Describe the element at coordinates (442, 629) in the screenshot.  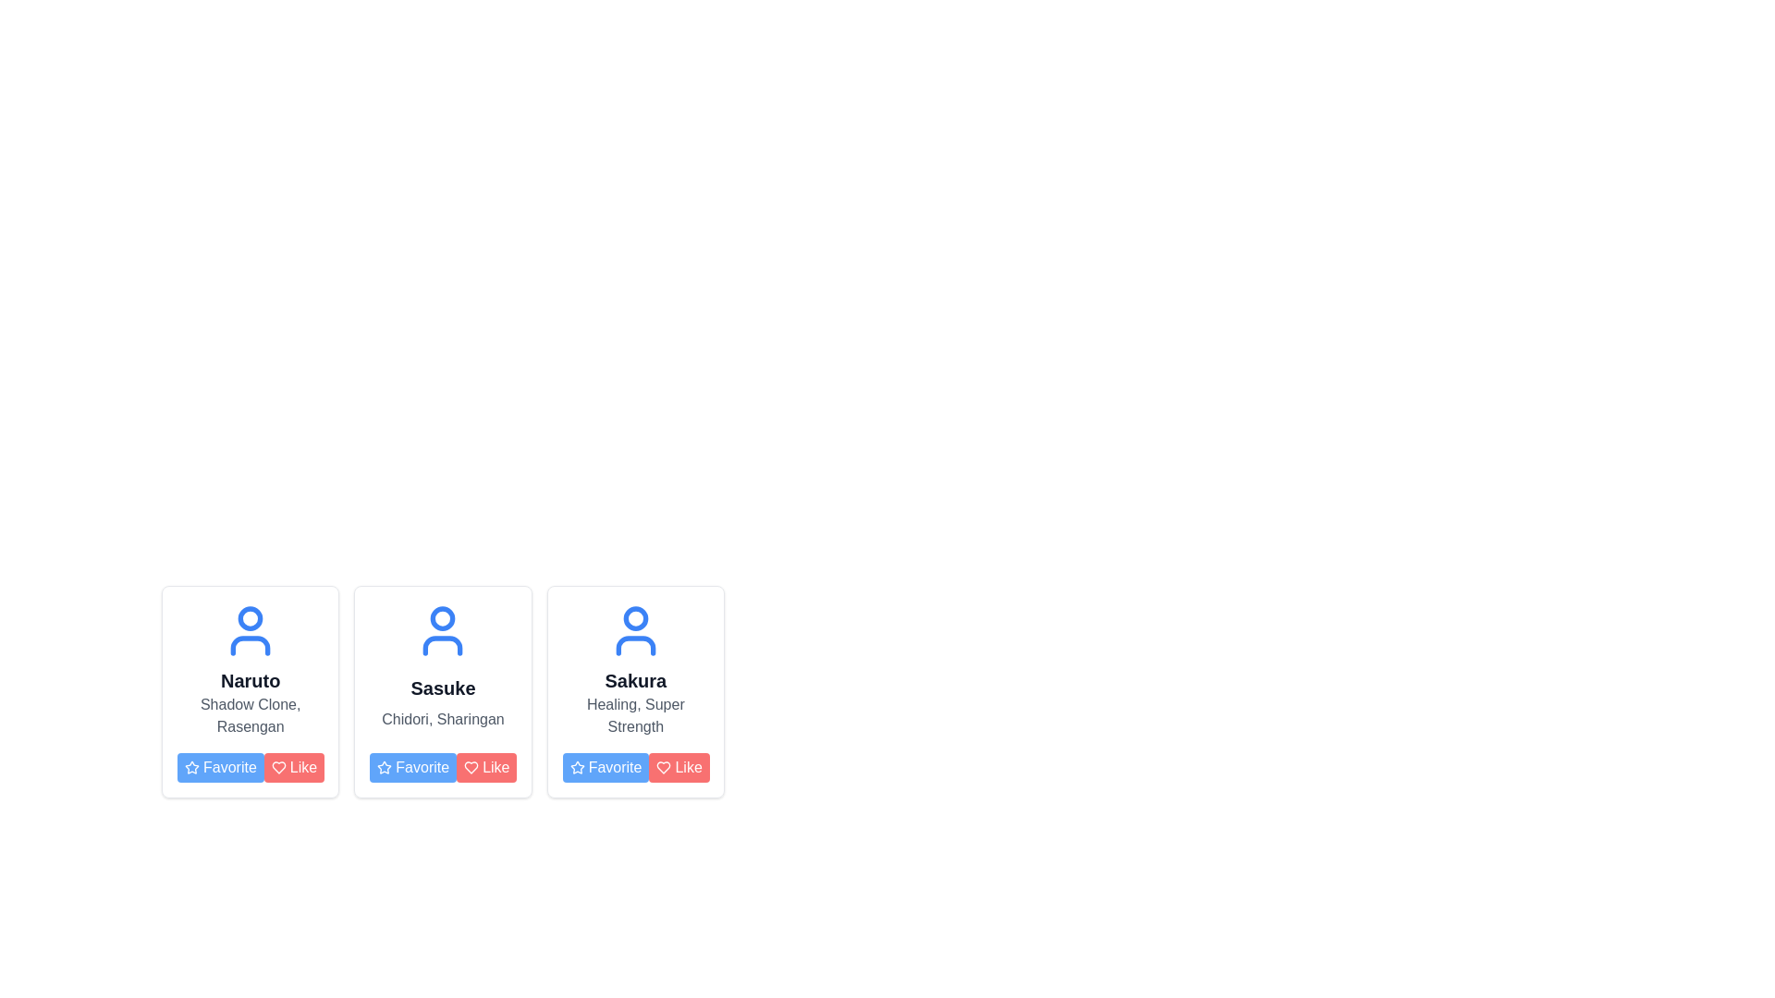
I see `the SVG icon representing a user profile at the top center of the card labeled 'Sasuke'` at that location.